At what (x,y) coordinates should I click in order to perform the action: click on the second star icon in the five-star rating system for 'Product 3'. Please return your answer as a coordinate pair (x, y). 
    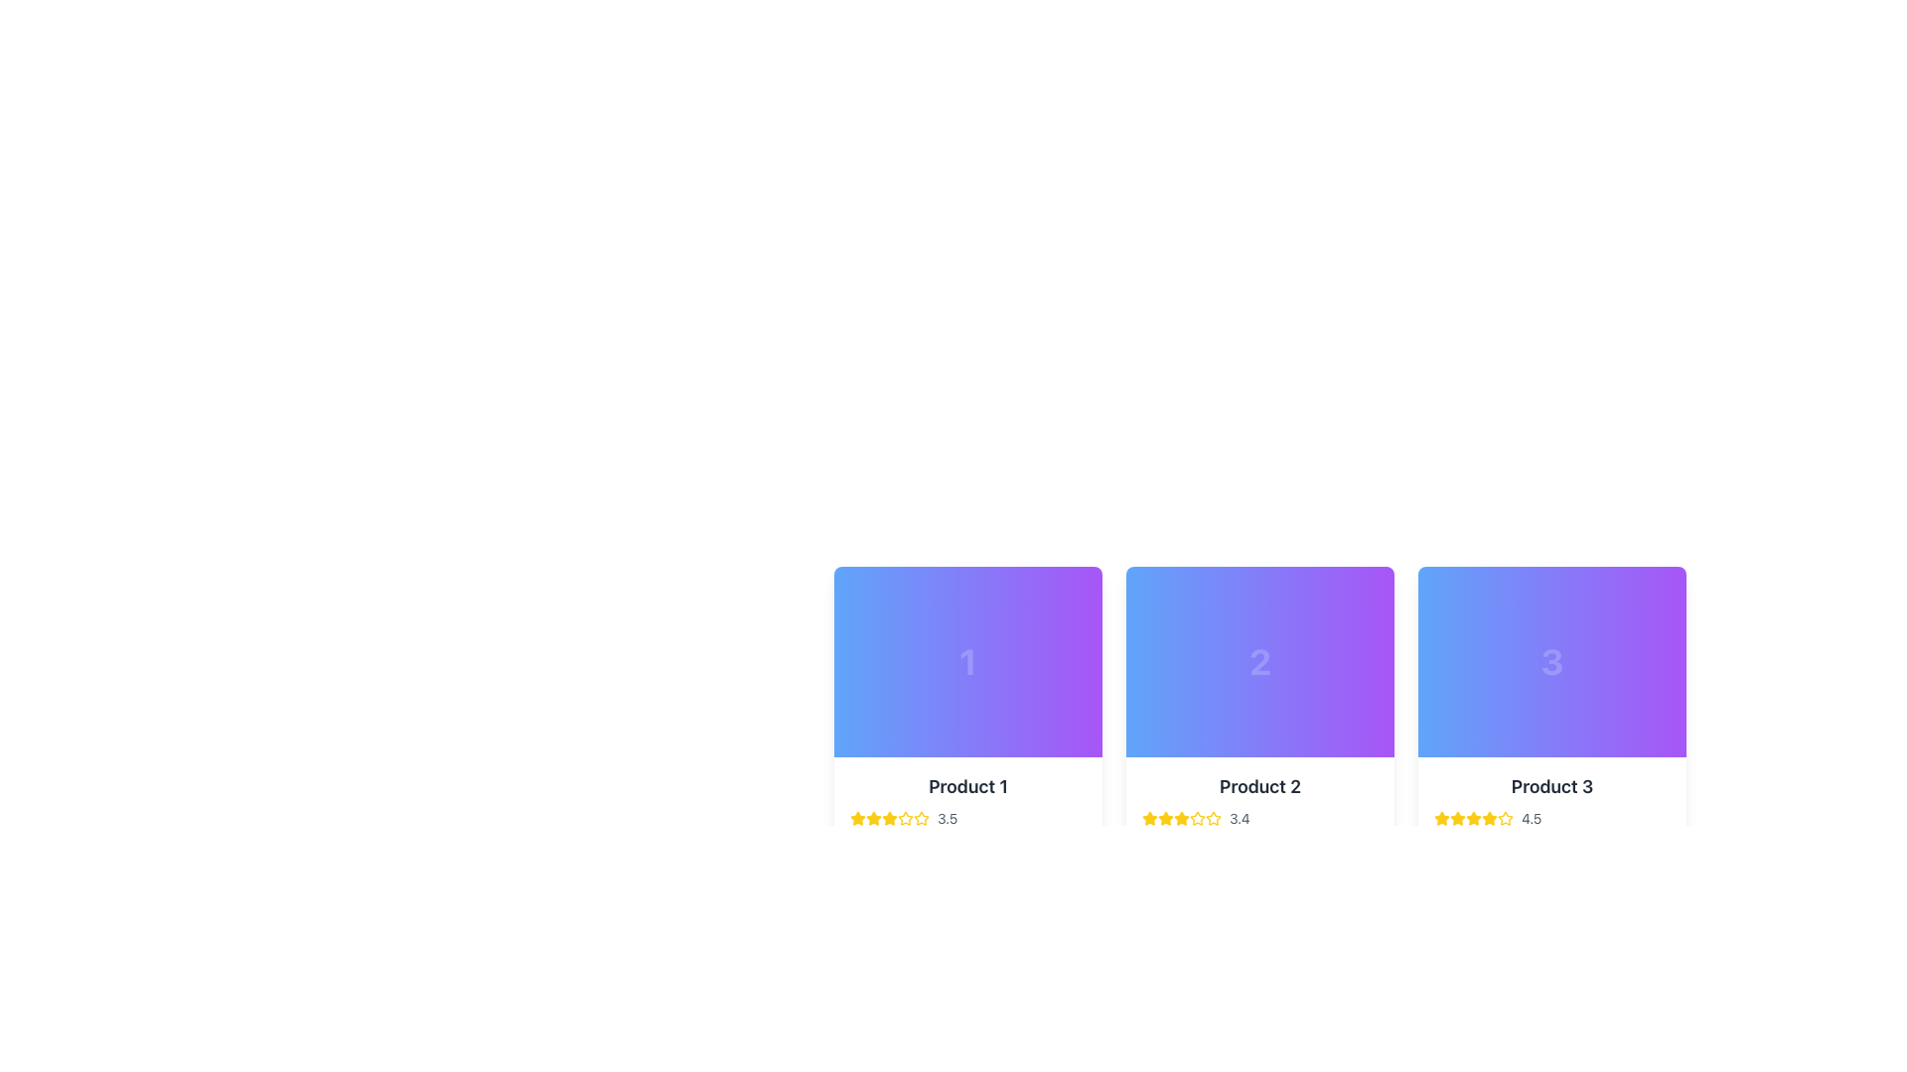
    Looking at the image, I should click on (1473, 818).